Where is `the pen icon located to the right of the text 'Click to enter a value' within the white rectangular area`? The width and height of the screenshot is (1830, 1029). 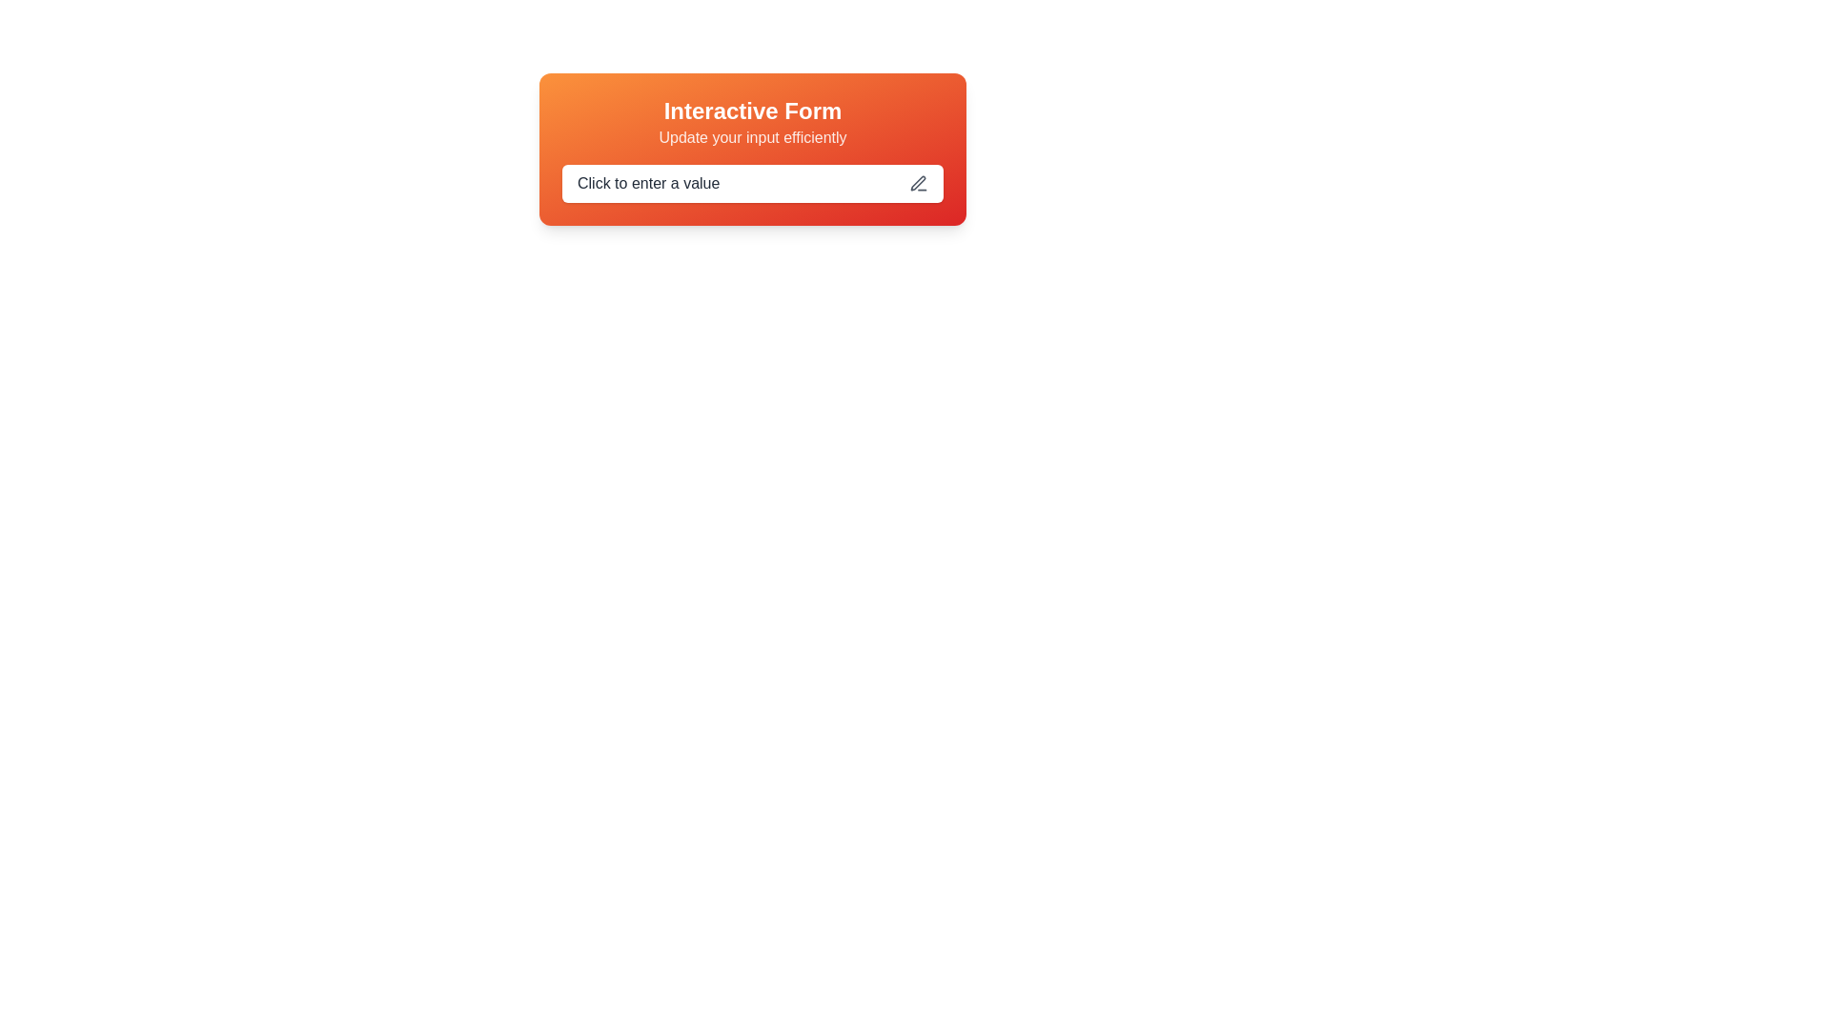 the pen icon located to the right of the text 'Click to enter a value' within the white rectangular area is located at coordinates (919, 183).